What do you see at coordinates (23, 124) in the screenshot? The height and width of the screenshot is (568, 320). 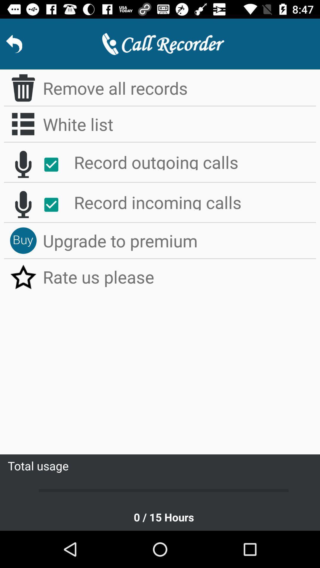 I see `open white list` at bounding box center [23, 124].